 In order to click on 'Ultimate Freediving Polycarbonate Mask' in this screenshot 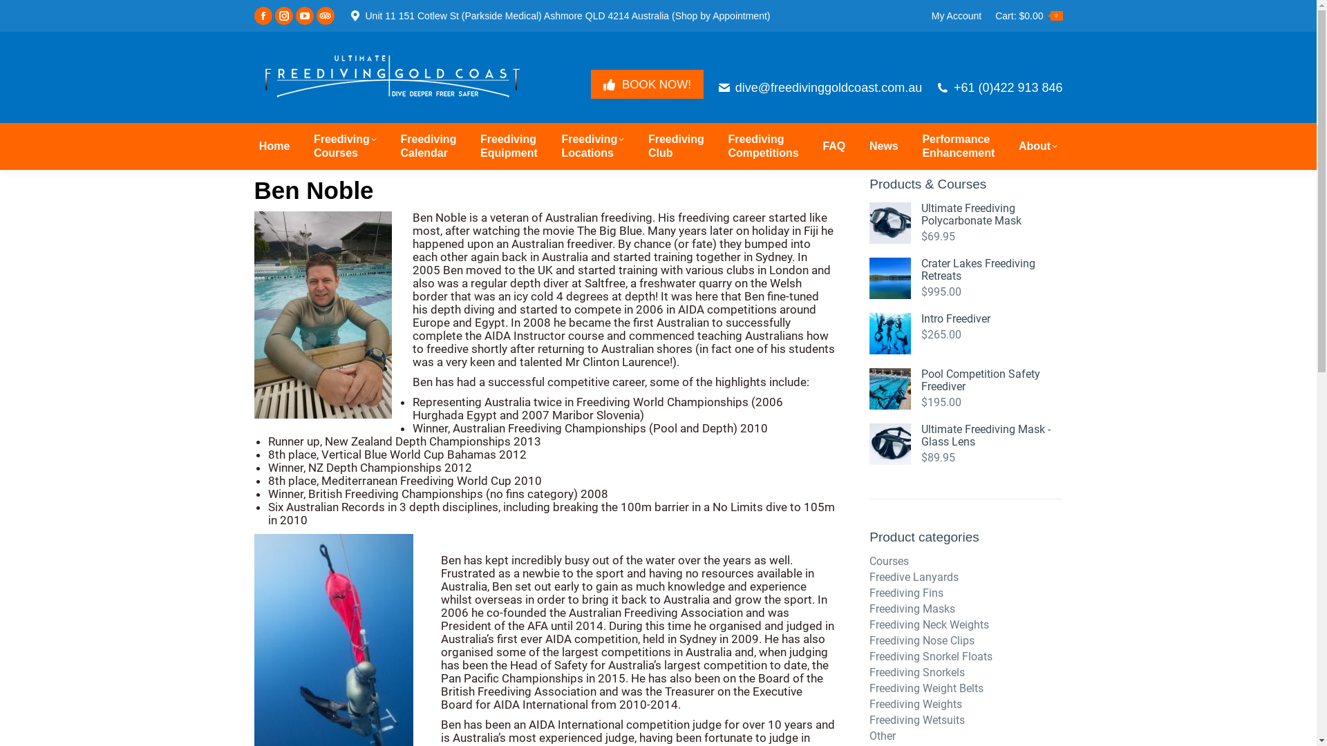, I will do `click(991, 215)`.